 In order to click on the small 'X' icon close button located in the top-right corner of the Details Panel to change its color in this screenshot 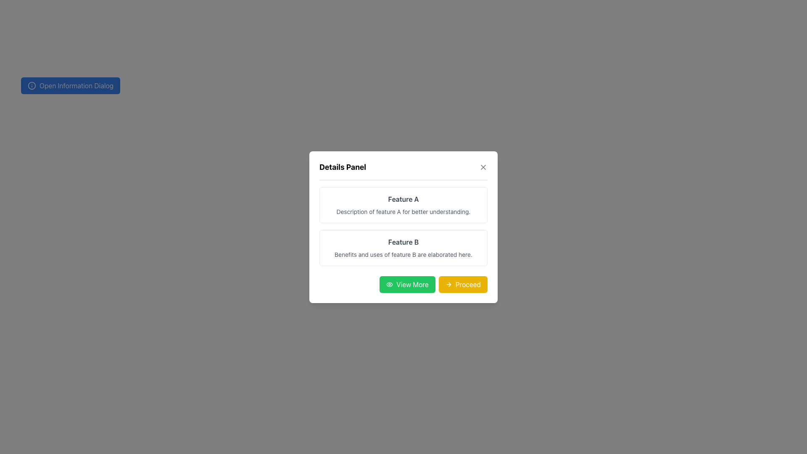, I will do `click(483, 167)`.